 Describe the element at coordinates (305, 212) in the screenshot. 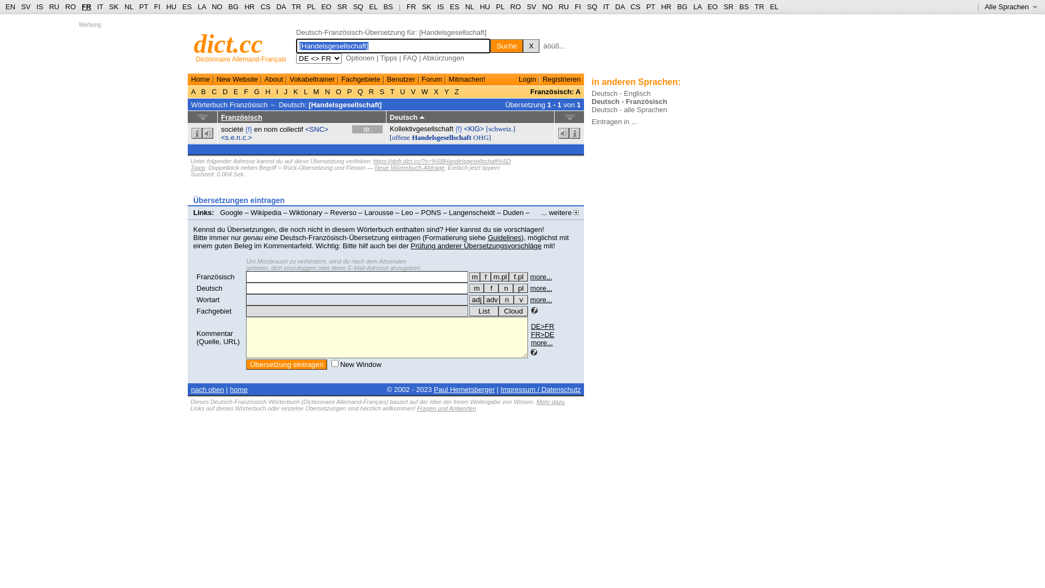

I see `'Wiktionary'` at that location.